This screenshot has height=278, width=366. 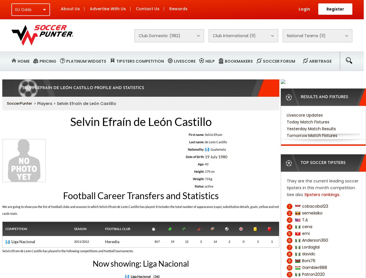 I want to click on 'Yesterday Match Results', so click(x=311, y=129).